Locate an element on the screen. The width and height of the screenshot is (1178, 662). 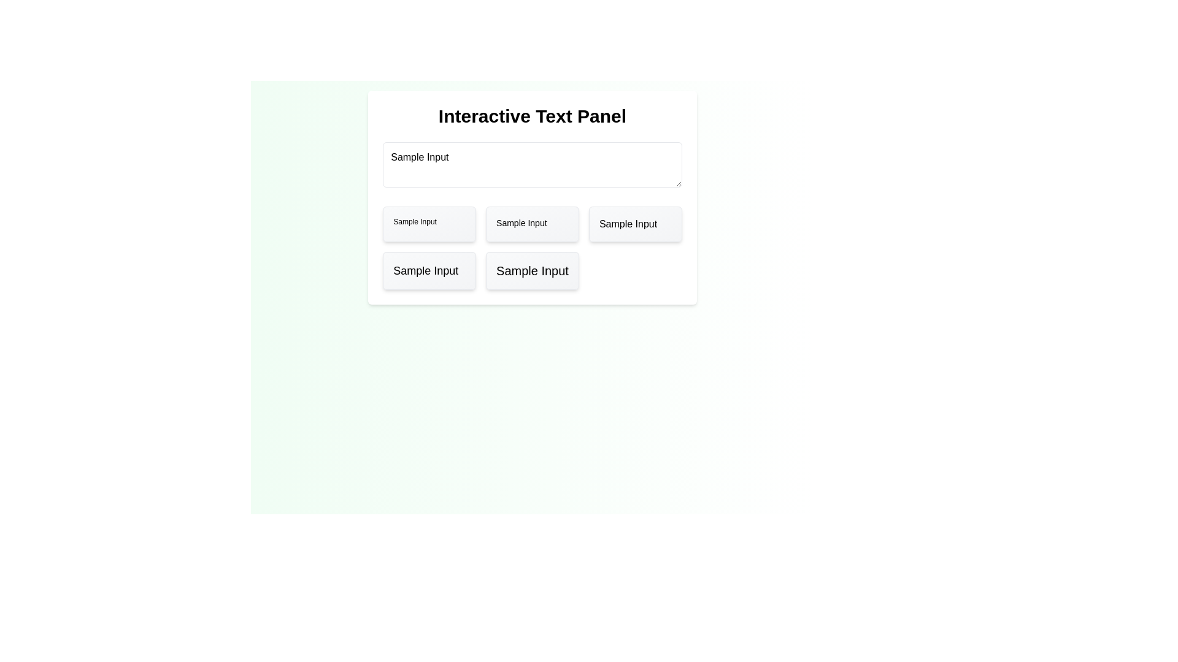
the Text Label that serves as a static header for the panel, positioned above the input field labeled 'Sample Input' is located at coordinates (533, 116).